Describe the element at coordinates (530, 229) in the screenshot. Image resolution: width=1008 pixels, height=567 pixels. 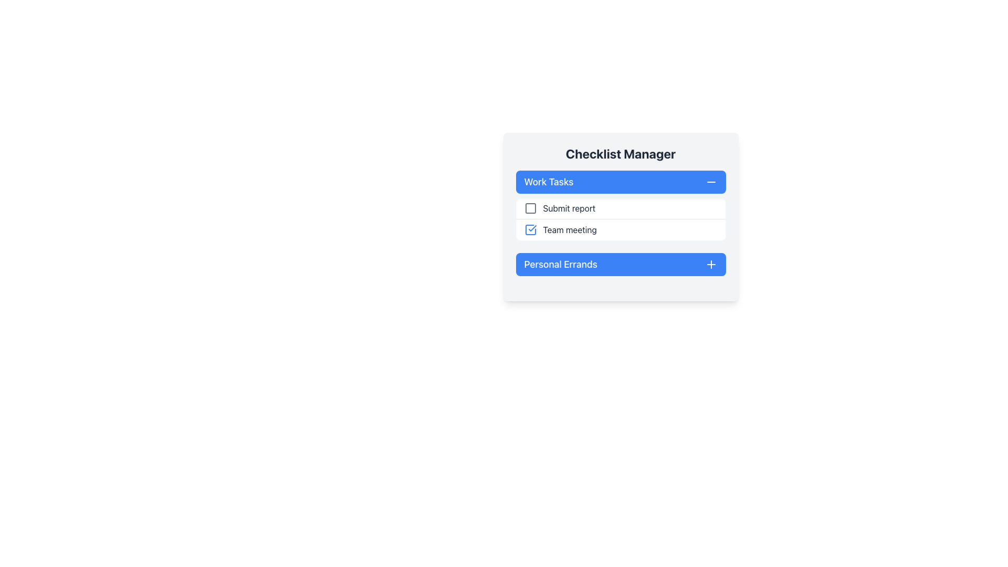
I see `the checkbox for 'Team meeting'` at that location.